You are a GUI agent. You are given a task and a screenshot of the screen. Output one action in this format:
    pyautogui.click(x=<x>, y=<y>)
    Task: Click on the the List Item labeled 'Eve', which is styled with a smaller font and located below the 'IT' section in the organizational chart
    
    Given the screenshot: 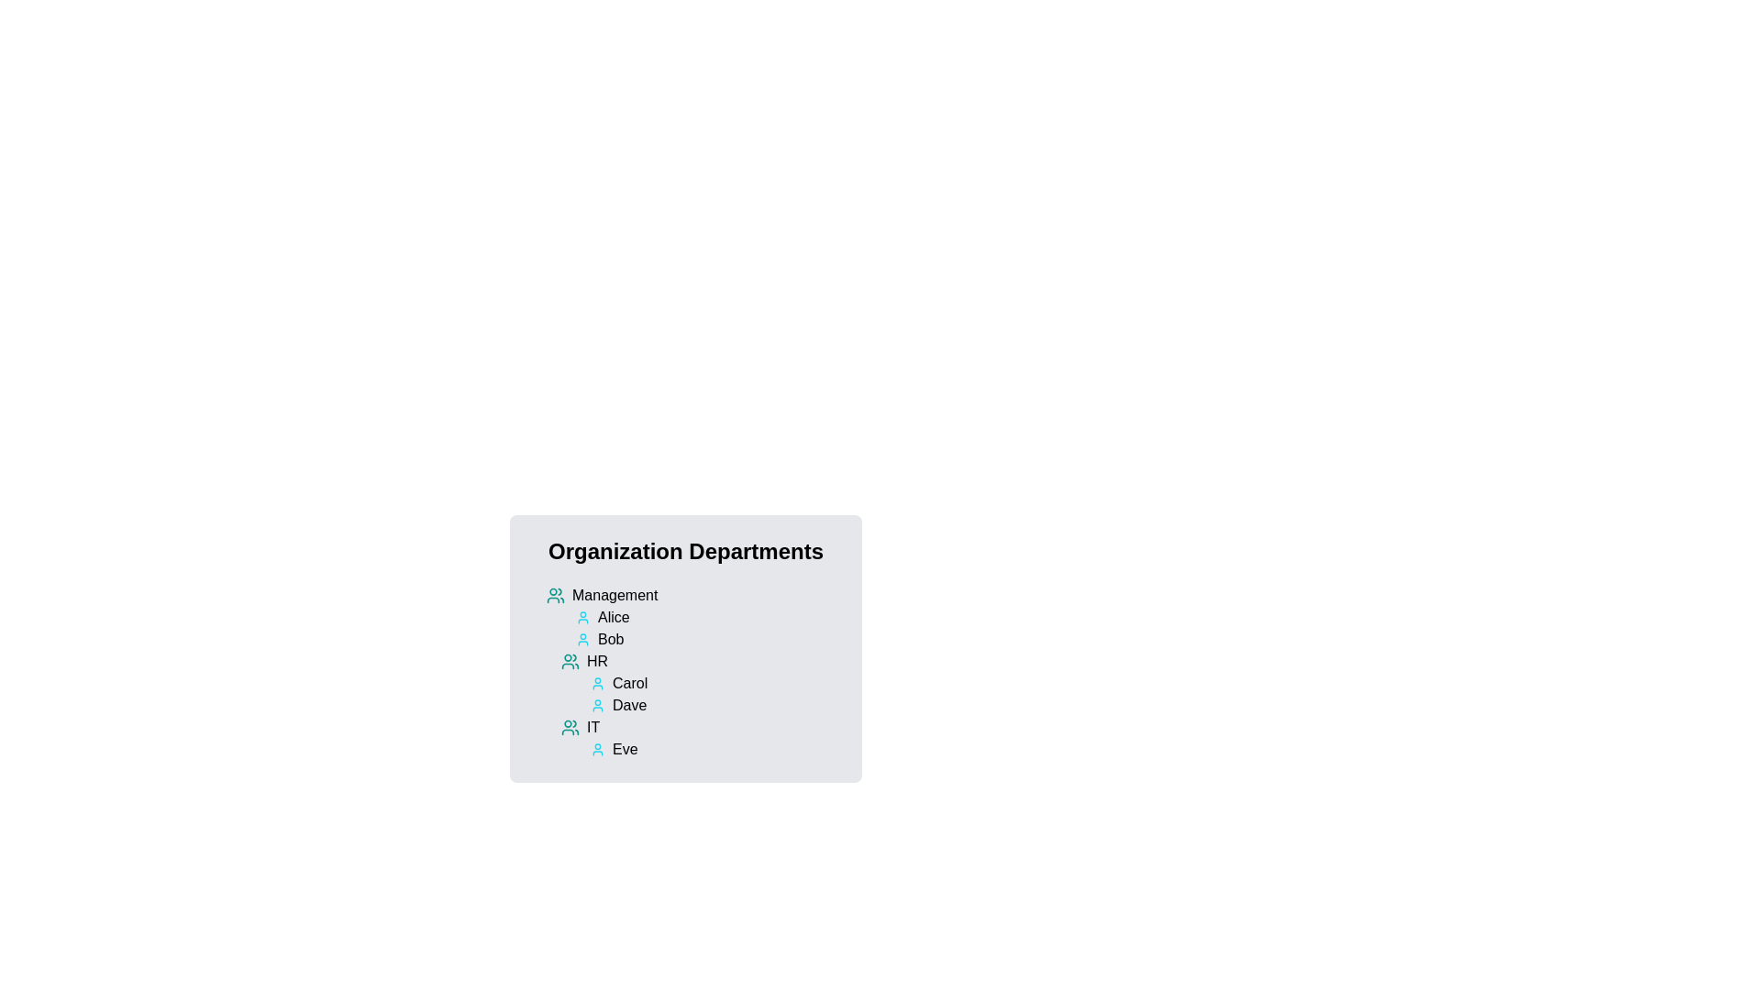 What is the action you would take?
    pyautogui.click(x=699, y=738)
    